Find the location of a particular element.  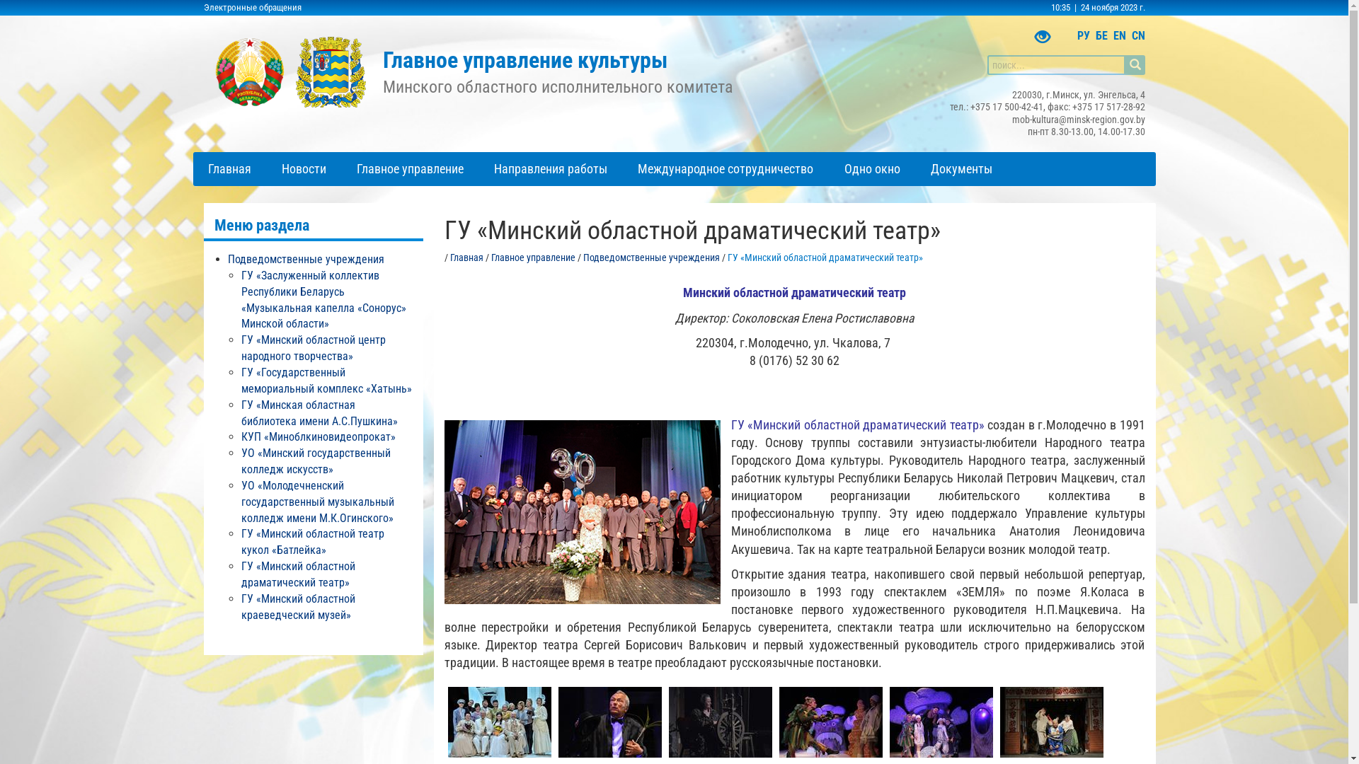

'EN' is located at coordinates (1118, 35).